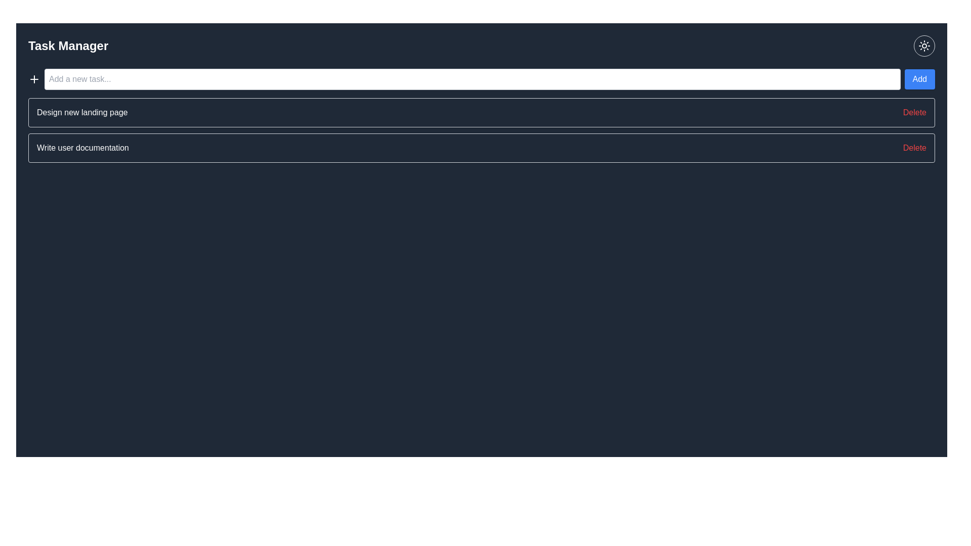 Image resolution: width=971 pixels, height=546 pixels. What do you see at coordinates (924, 46) in the screenshot?
I see `the sun icon button in the top-right corner of the interface` at bounding box center [924, 46].